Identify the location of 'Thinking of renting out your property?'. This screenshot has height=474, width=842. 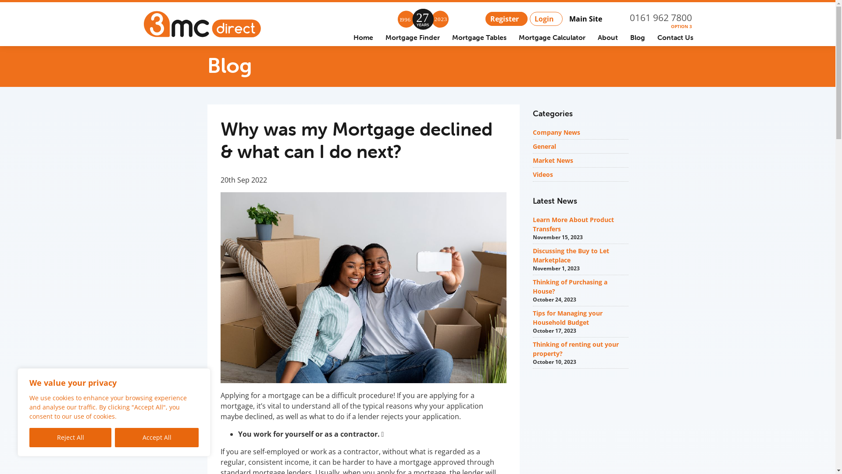
(576, 348).